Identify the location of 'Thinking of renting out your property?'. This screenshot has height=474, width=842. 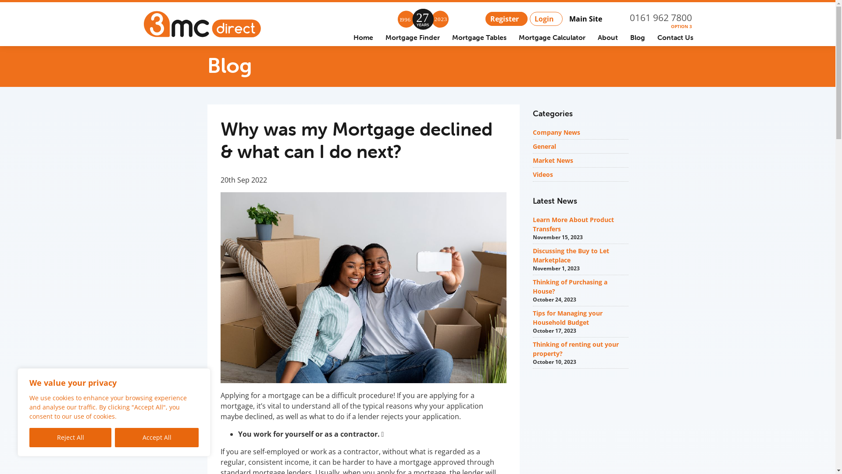
(576, 348).